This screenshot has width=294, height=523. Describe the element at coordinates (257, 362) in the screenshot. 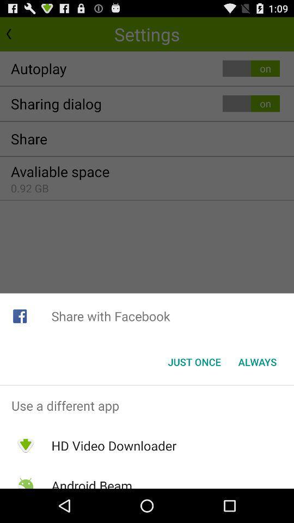

I see `always` at that location.